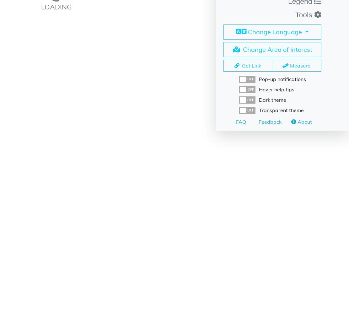  What do you see at coordinates (277, 49) in the screenshot?
I see `'Change Area of Interest'` at bounding box center [277, 49].